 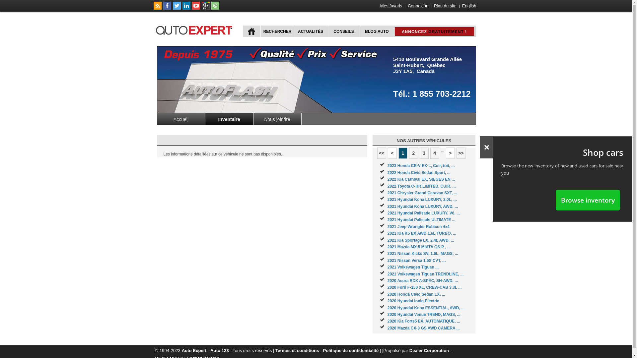 I want to click on '2021 Hyundai Kona LUXURY, AWD, ...', so click(x=422, y=206).